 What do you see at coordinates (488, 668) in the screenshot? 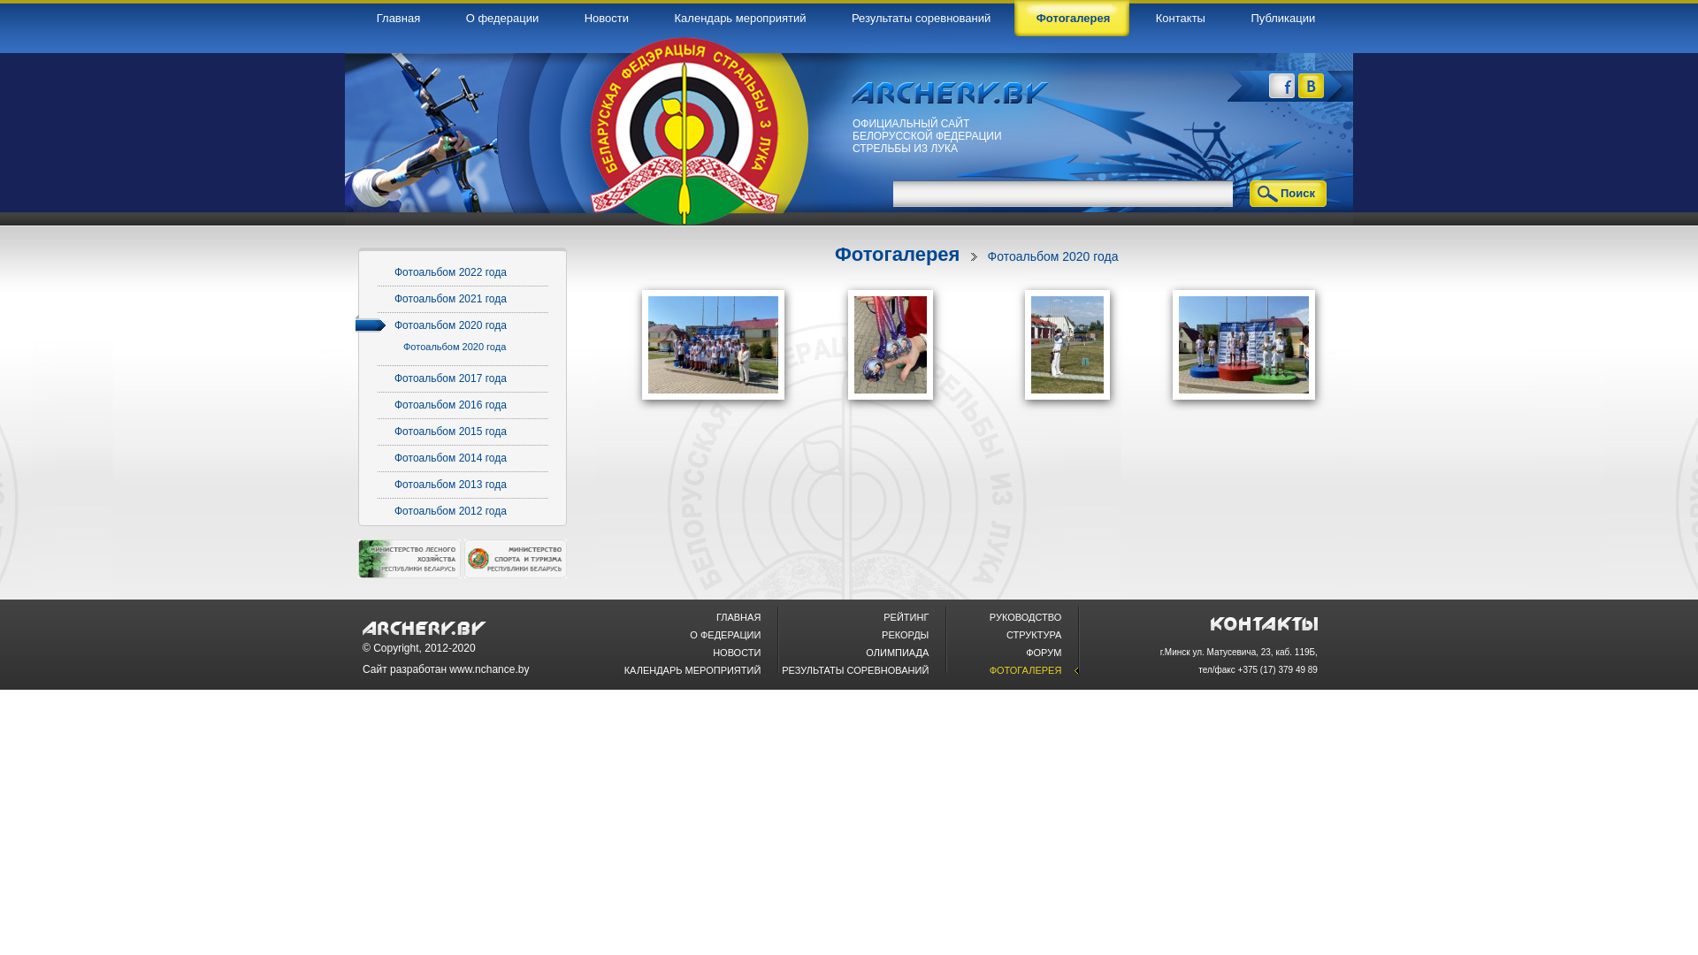
I see `'www.nchance.by'` at bounding box center [488, 668].